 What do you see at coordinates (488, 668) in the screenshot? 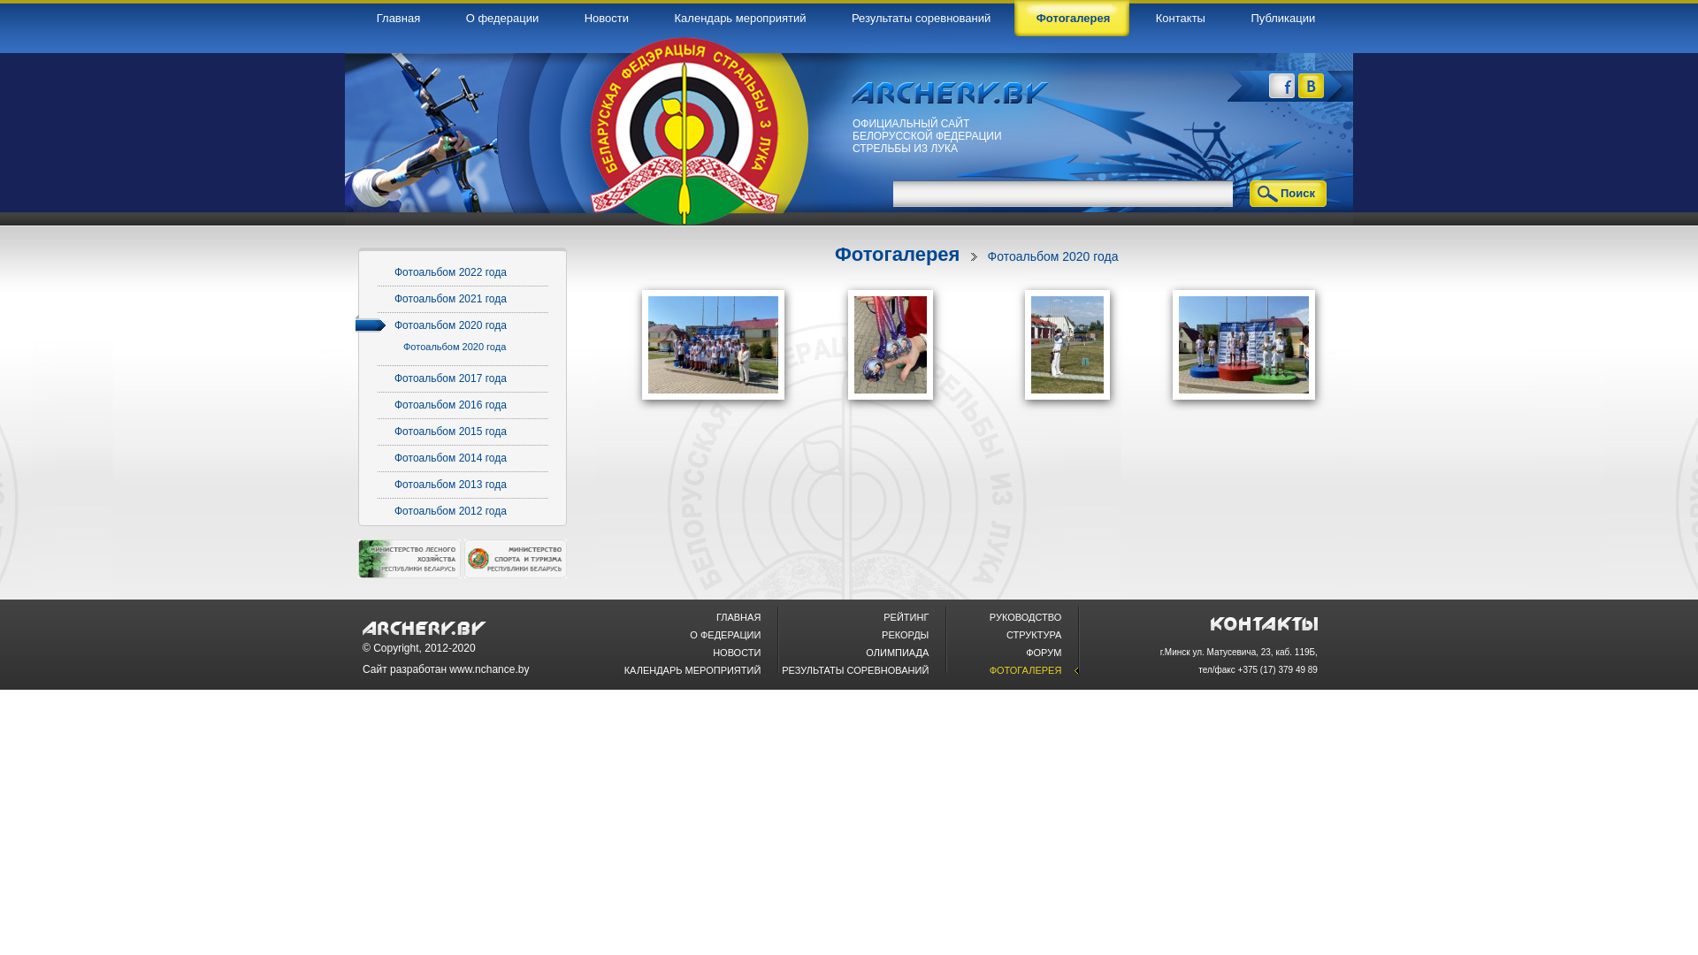
I see `'www.nchance.by'` at bounding box center [488, 668].